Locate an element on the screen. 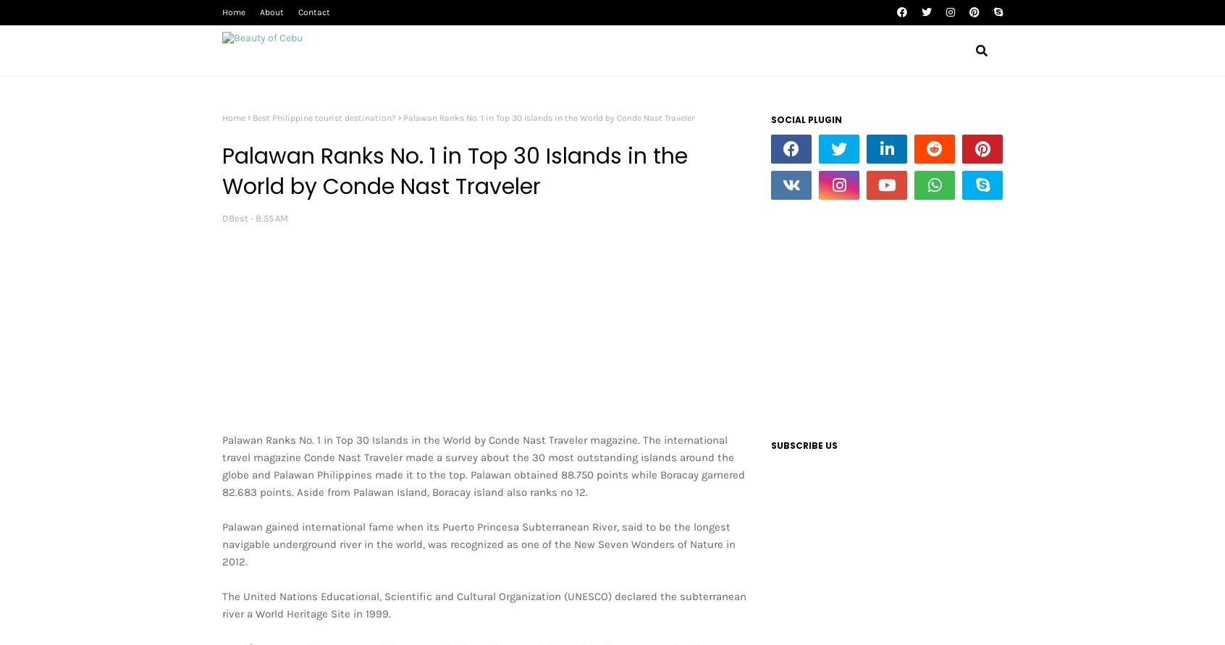 This screenshot has height=645, width=1225. 'Best Philippine tourist destination?' is located at coordinates (324, 117).